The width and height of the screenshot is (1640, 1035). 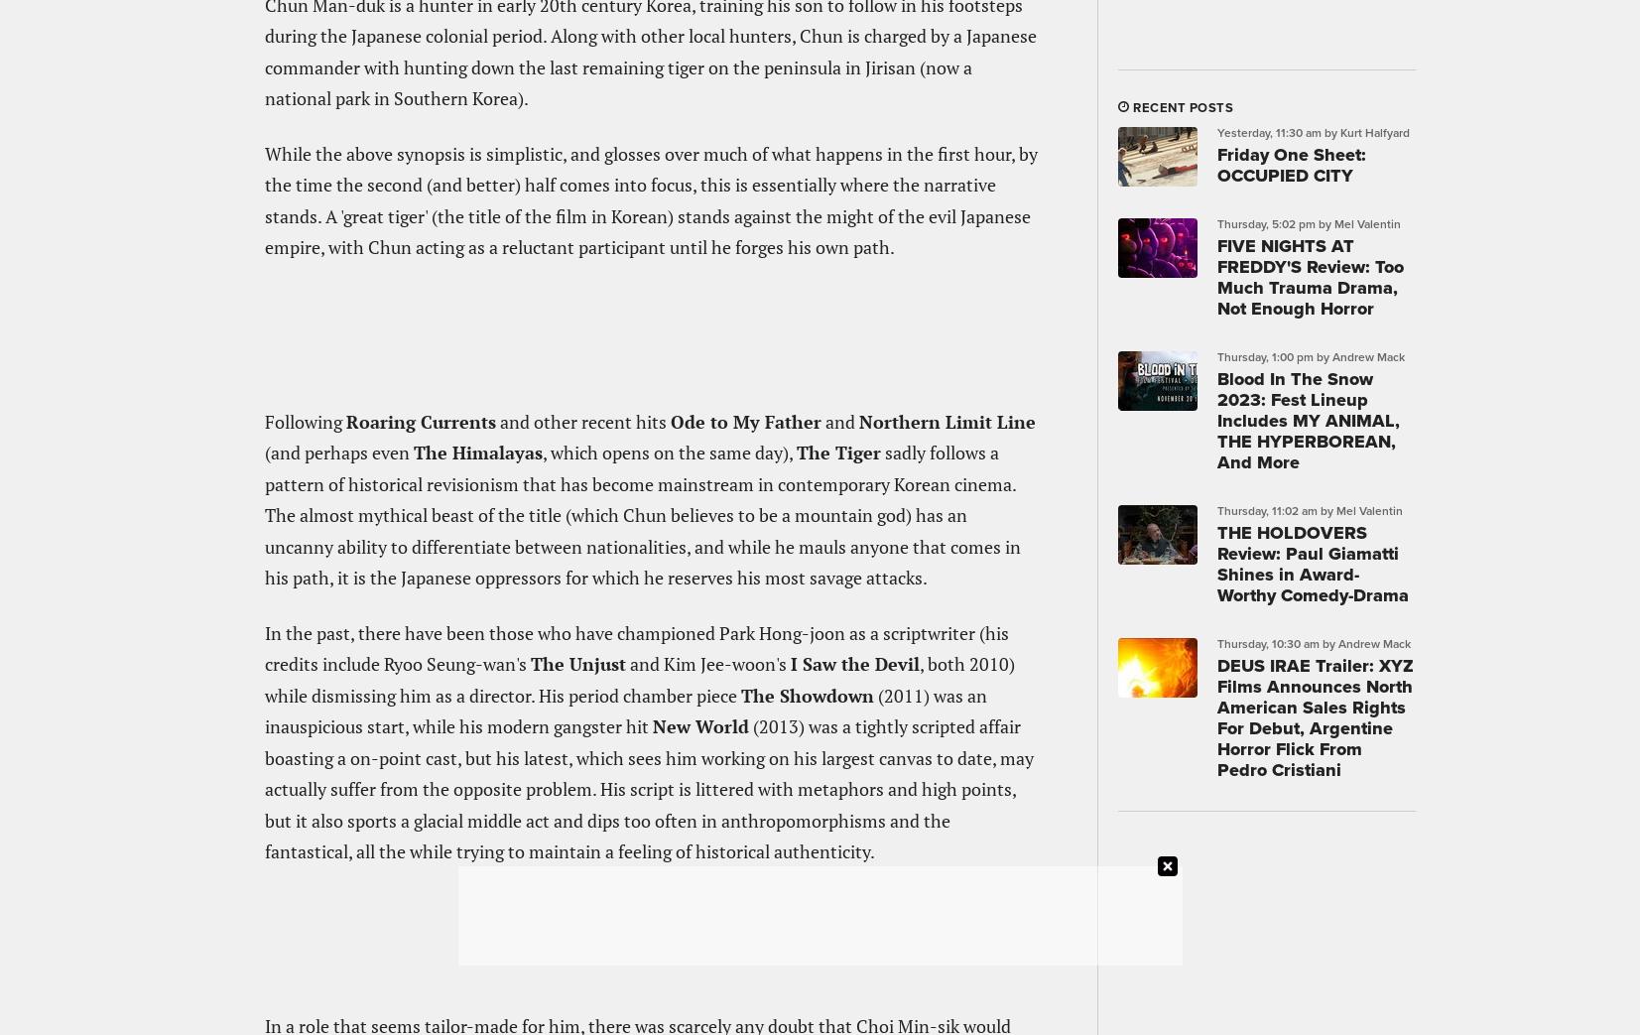 I want to click on 'The Unjust', so click(x=576, y=662).